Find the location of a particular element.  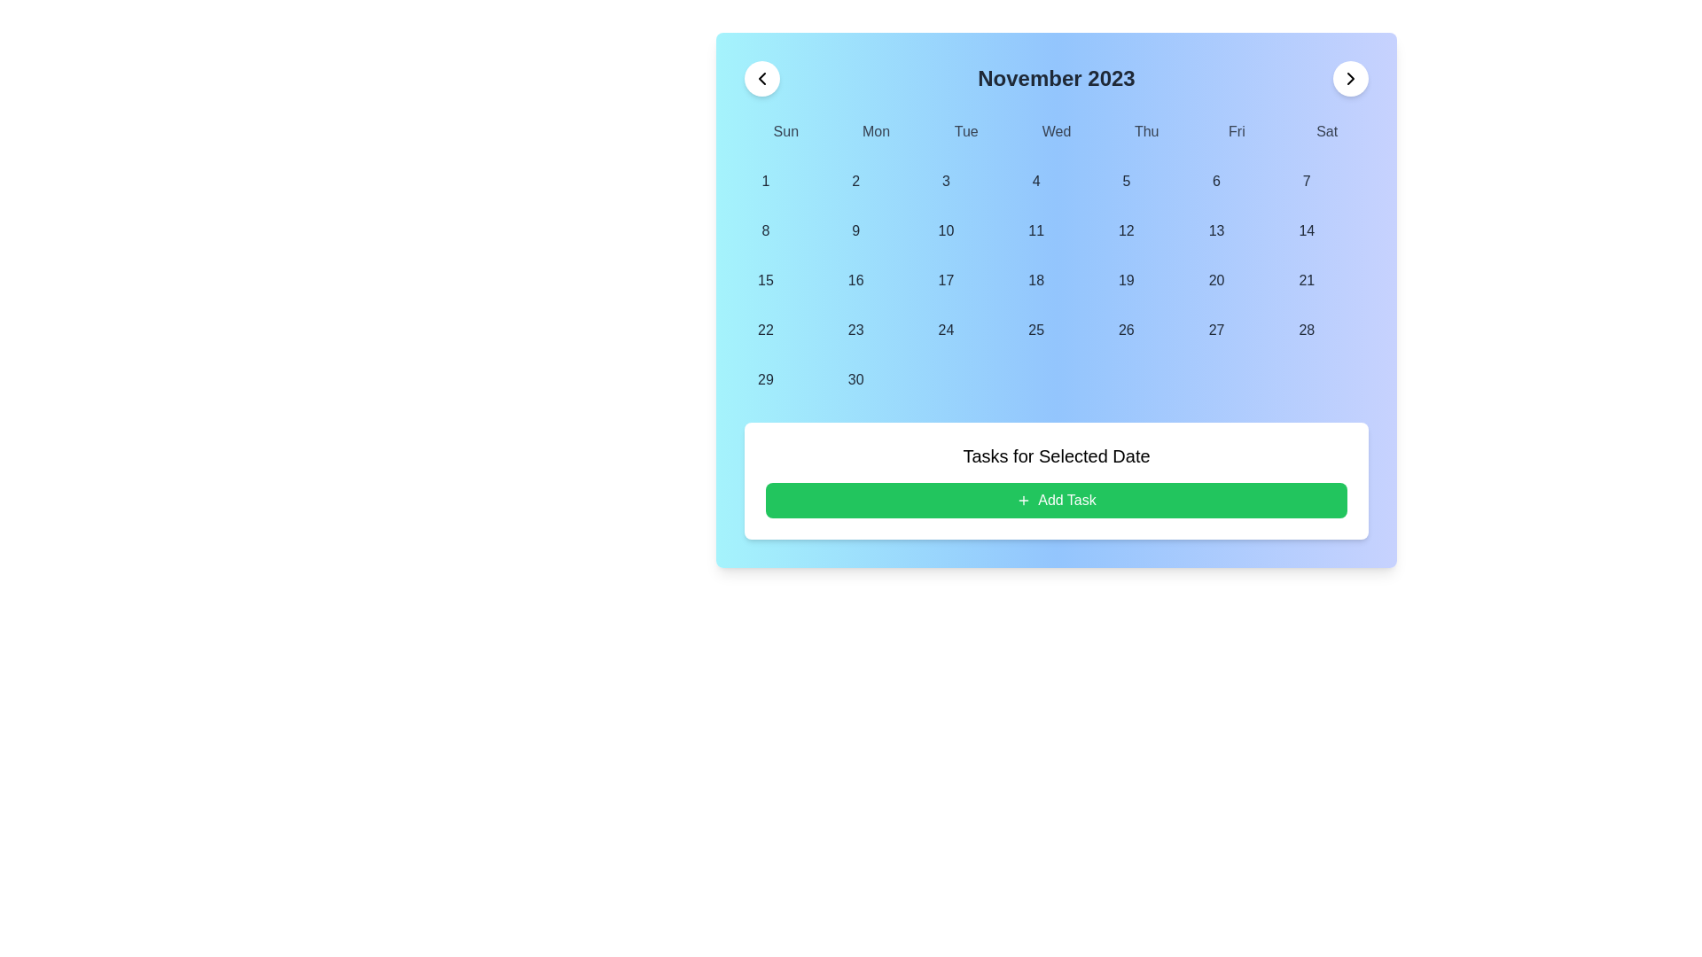

the button labeled '29' located in the bottom-left portion of the calendar grid for navigation is located at coordinates (766, 378).